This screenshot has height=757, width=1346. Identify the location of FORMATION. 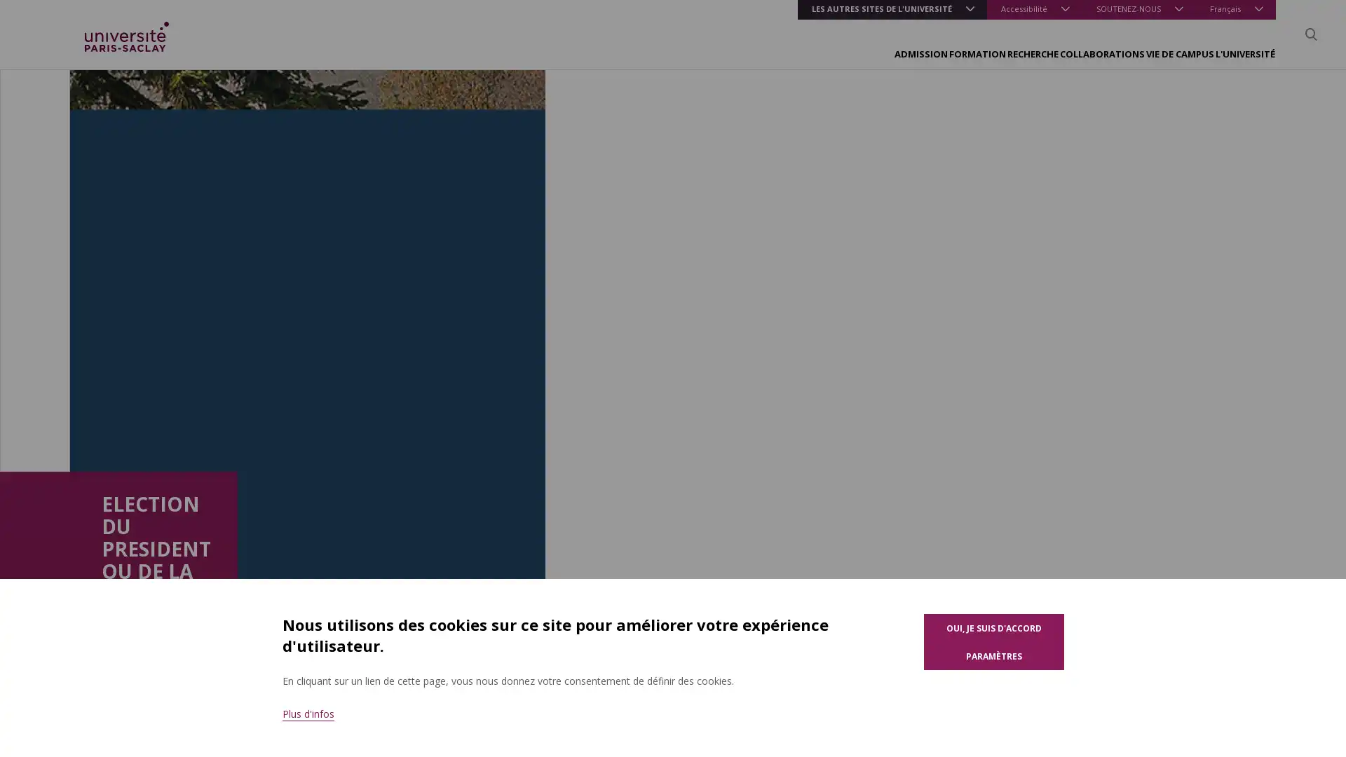
(795, 48).